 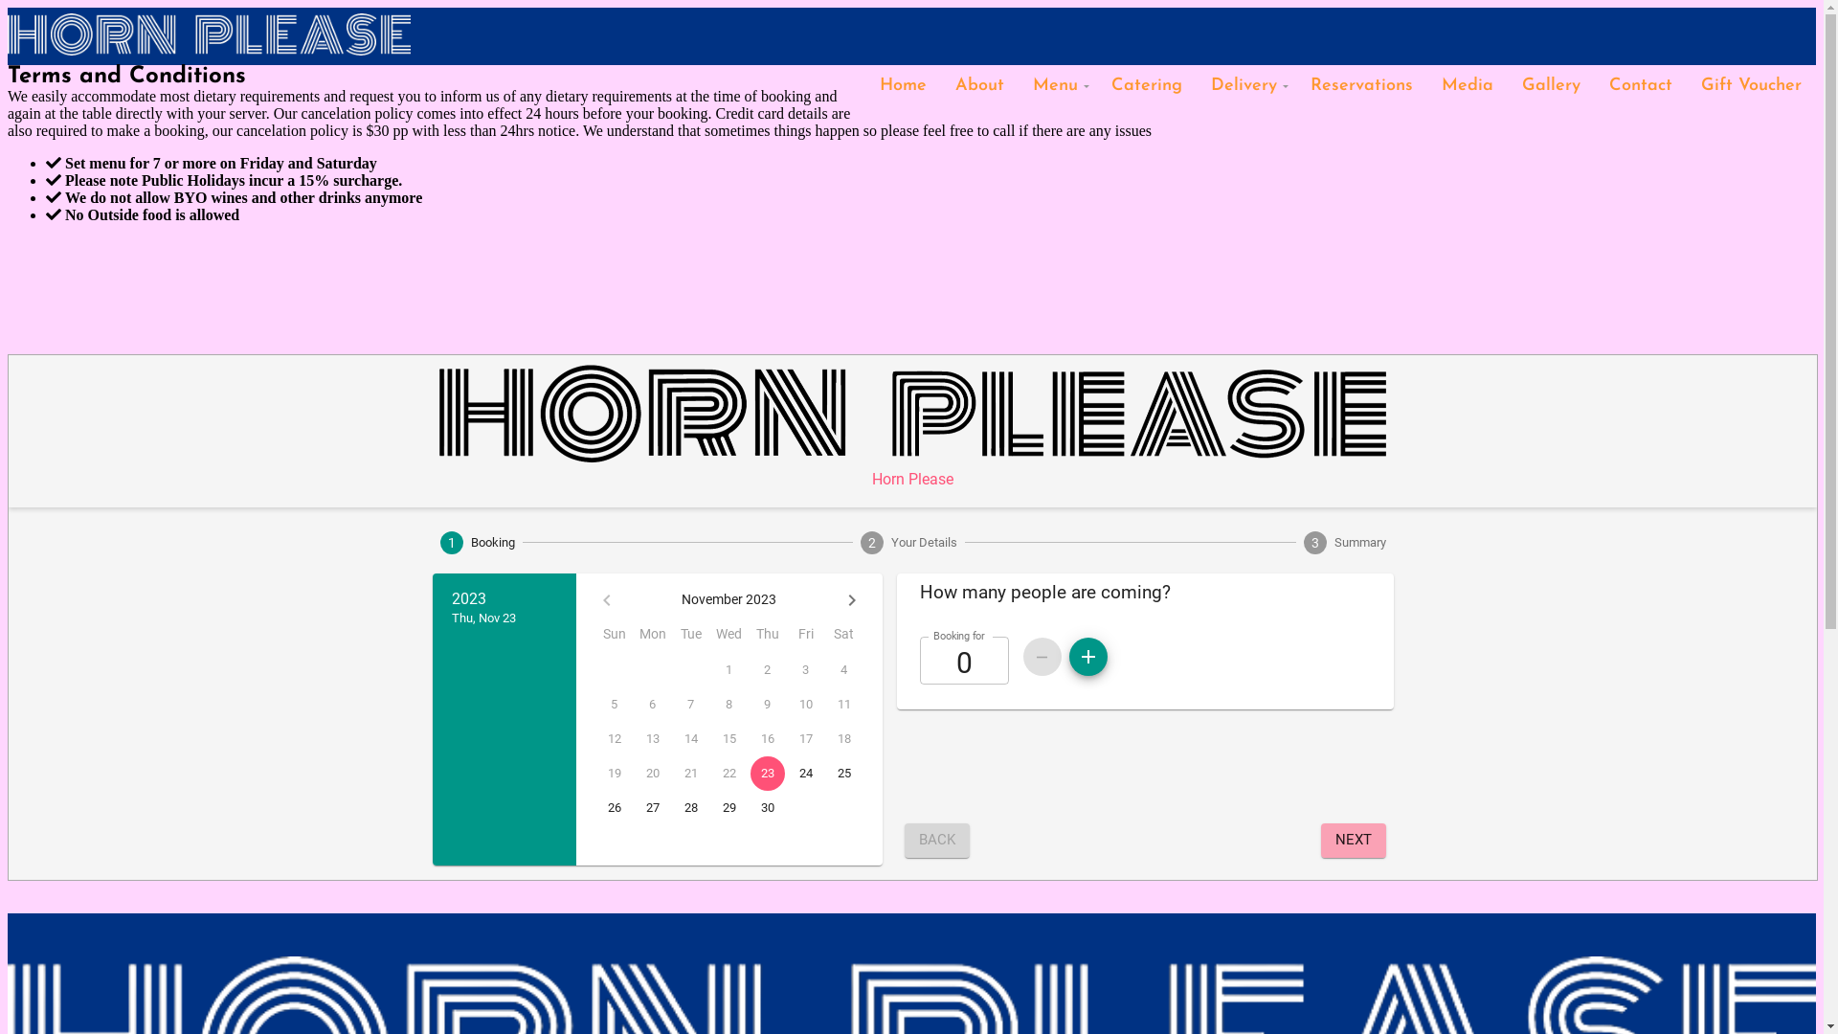 What do you see at coordinates (902, 84) in the screenshot?
I see `'Home'` at bounding box center [902, 84].